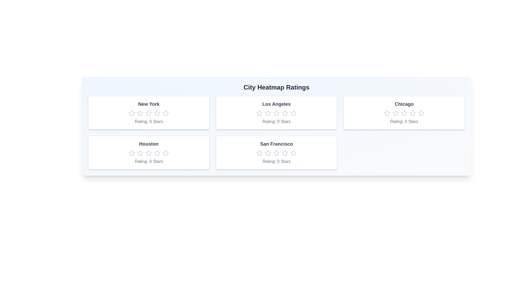 Image resolution: width=510 pixels, height=287 pixels. Describe the element at coordinates (276, 113) in the screenshot. I see `the Los Angeles rating star number 3` at that location.